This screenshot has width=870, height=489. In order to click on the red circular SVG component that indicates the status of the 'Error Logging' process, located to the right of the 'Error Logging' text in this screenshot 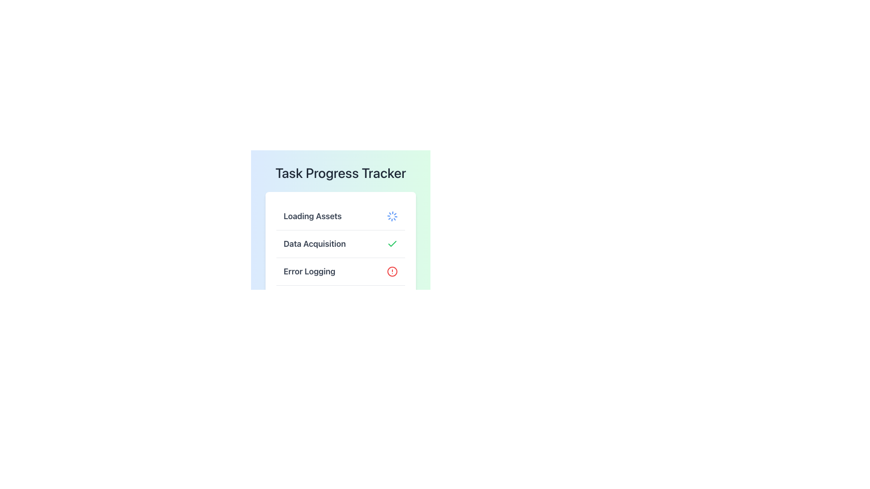, I will do `click(392, 271)`.